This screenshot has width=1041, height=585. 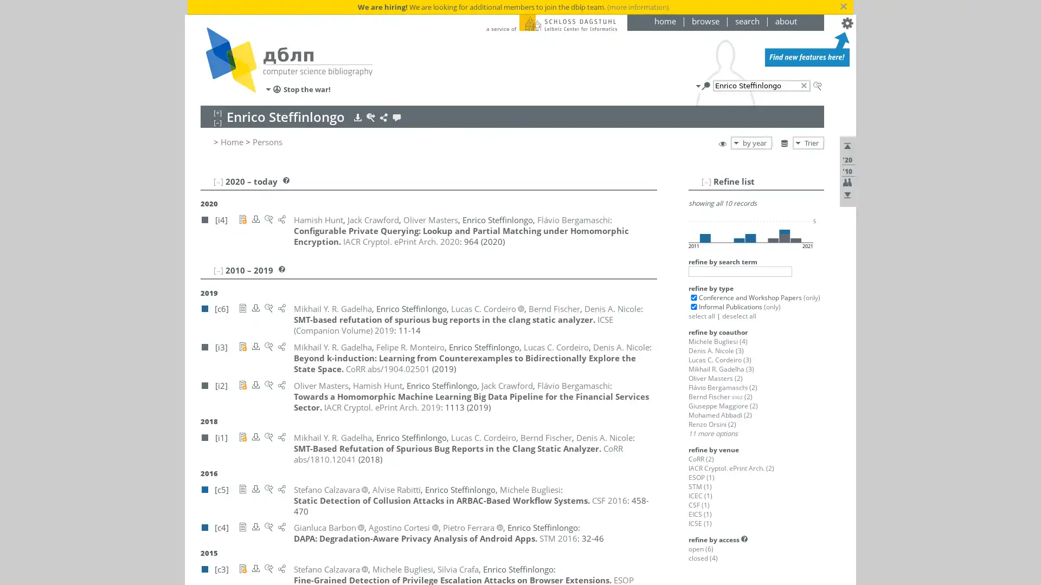 What do you see at coordinates (720, 360) in the screenshot?
I see `Lucas C. Cordeiro (3)` at bounding box center [720, 360].